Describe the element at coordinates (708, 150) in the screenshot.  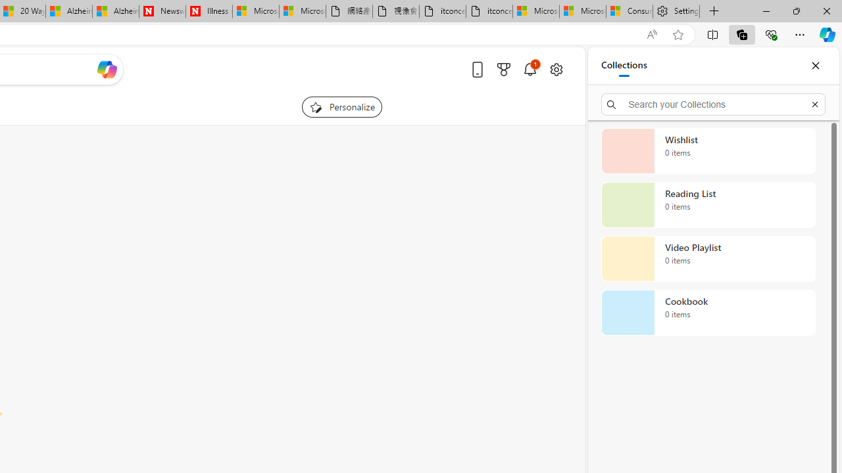
I see `'Wishlist collection, 0 items'` at that location.